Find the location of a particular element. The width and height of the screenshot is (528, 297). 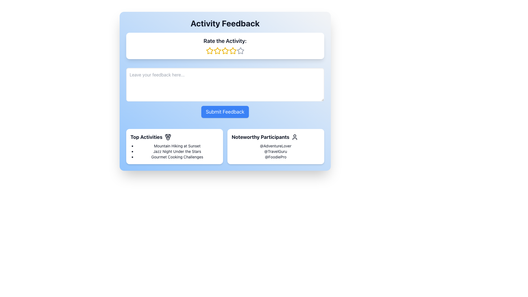

the text label displaying the handle '@AdventureLover' located in the 'Noteworthy Participants' section is located at coordinates (276, 146).